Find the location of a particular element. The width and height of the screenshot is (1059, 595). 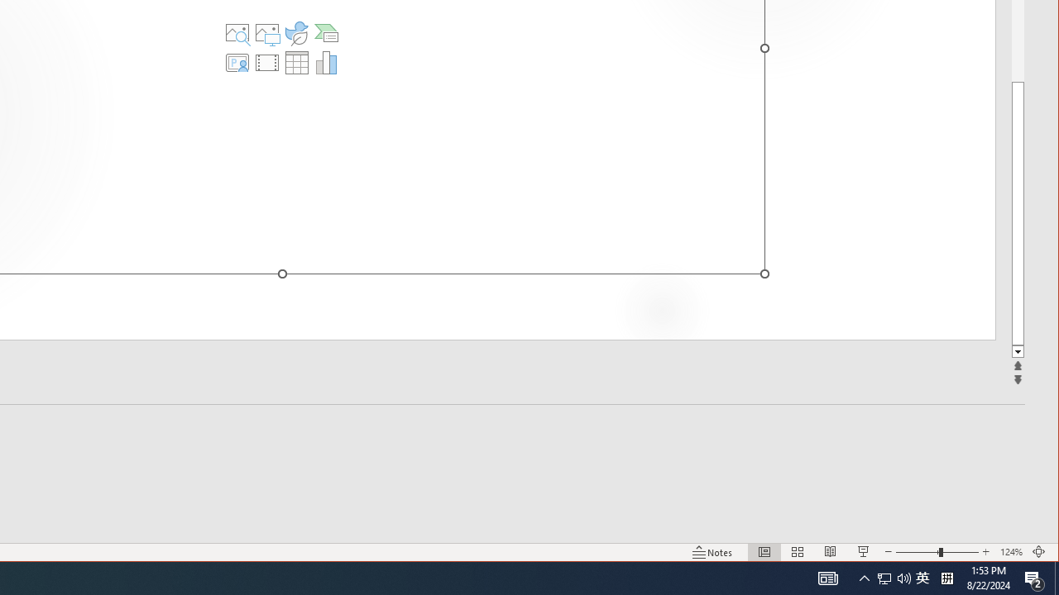

'Pictures' is located at coordinates (267, 32).